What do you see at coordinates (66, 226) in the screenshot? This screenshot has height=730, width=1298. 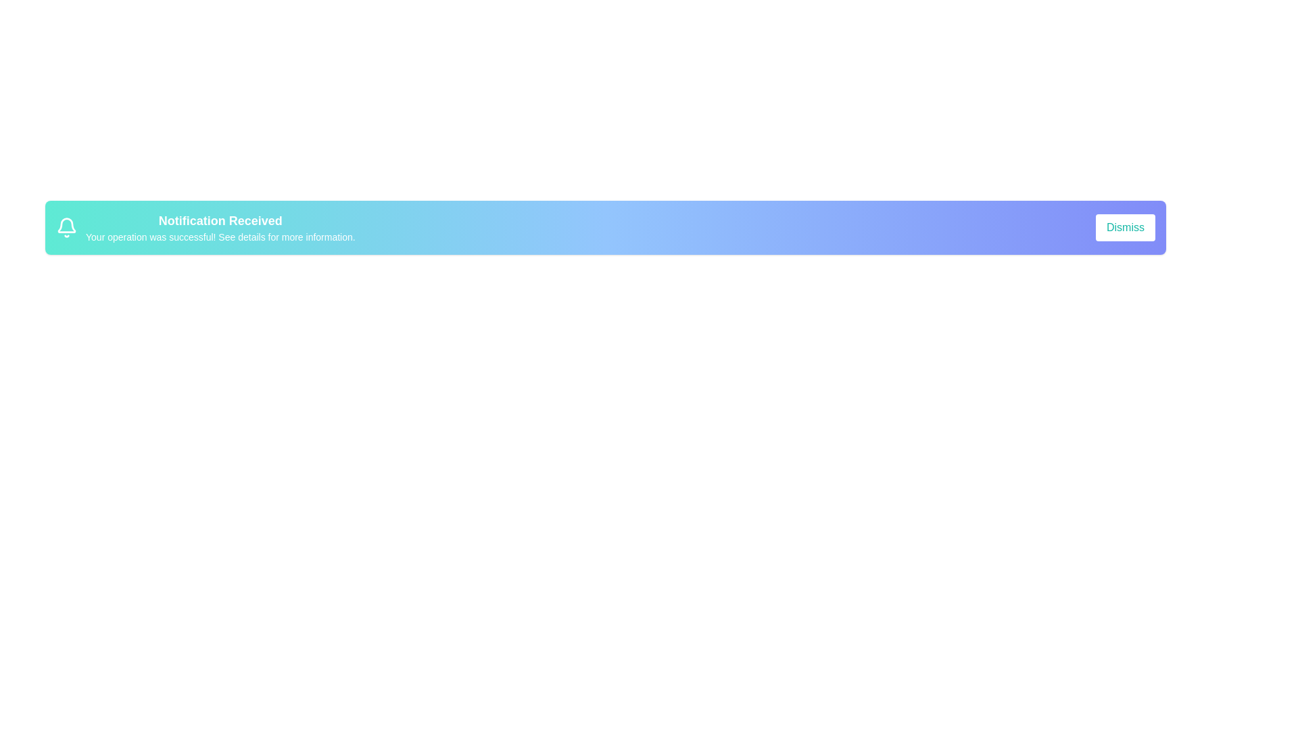 I see `the alert icon to focus on it` at bounding box center [66, 226].